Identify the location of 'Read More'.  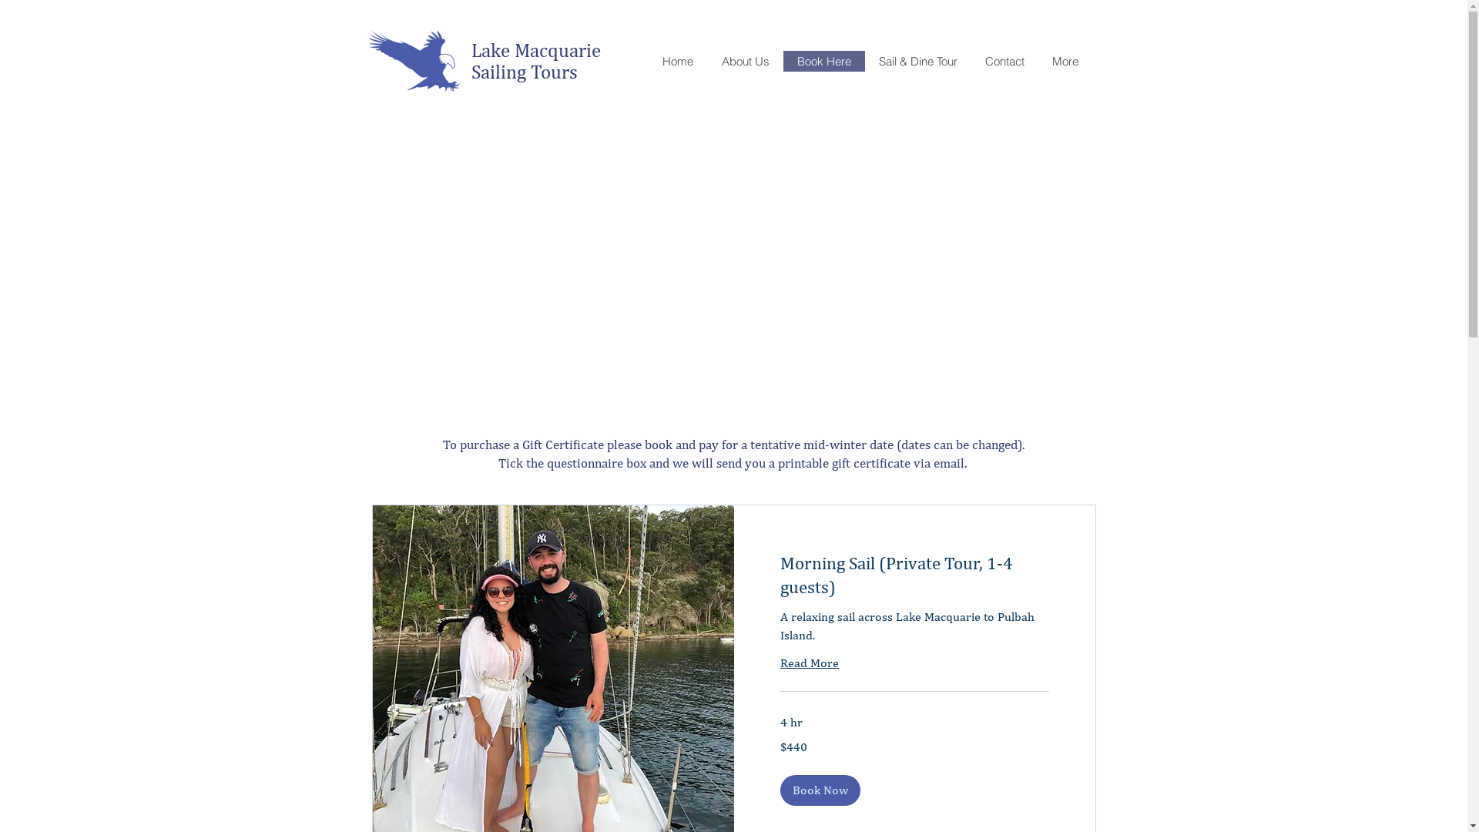
(780, 662).